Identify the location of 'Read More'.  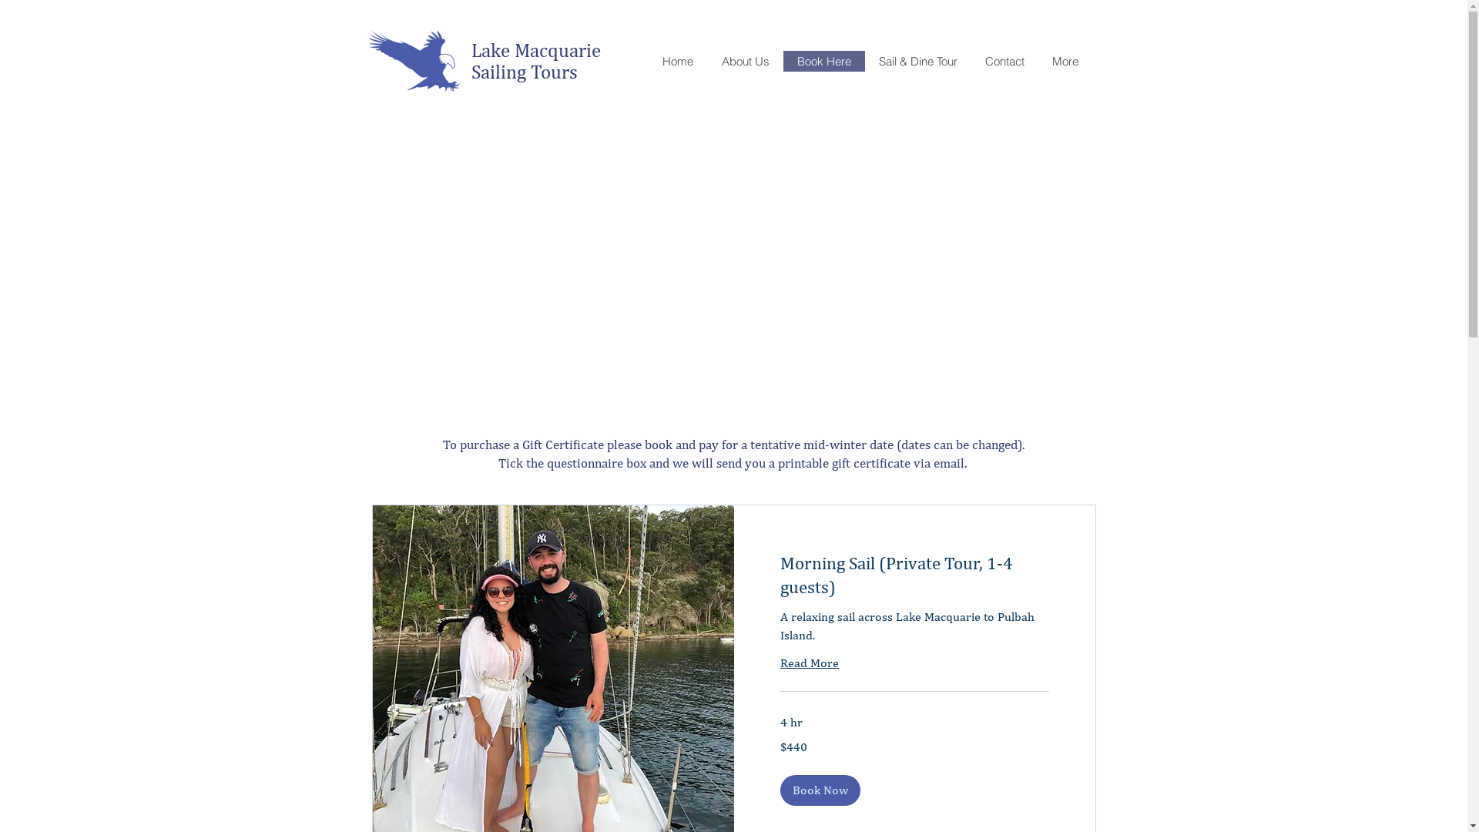
(780, 662).